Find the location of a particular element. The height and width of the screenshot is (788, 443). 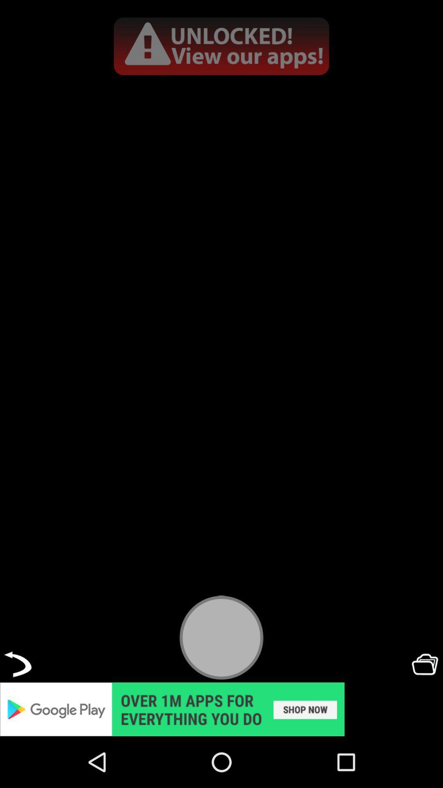

pop-up advertisement is located at coordinates (221, 709).